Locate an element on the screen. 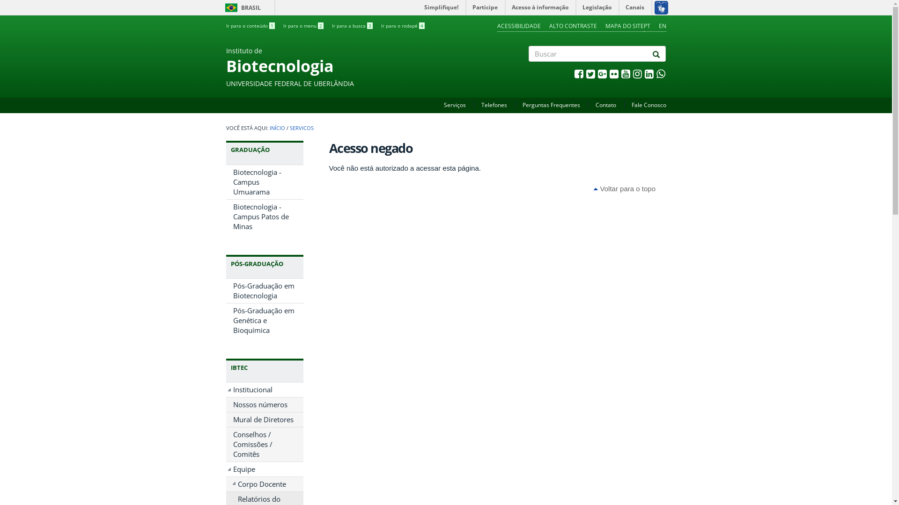  'Fale Conosco' is located at coordinates (648, 105).